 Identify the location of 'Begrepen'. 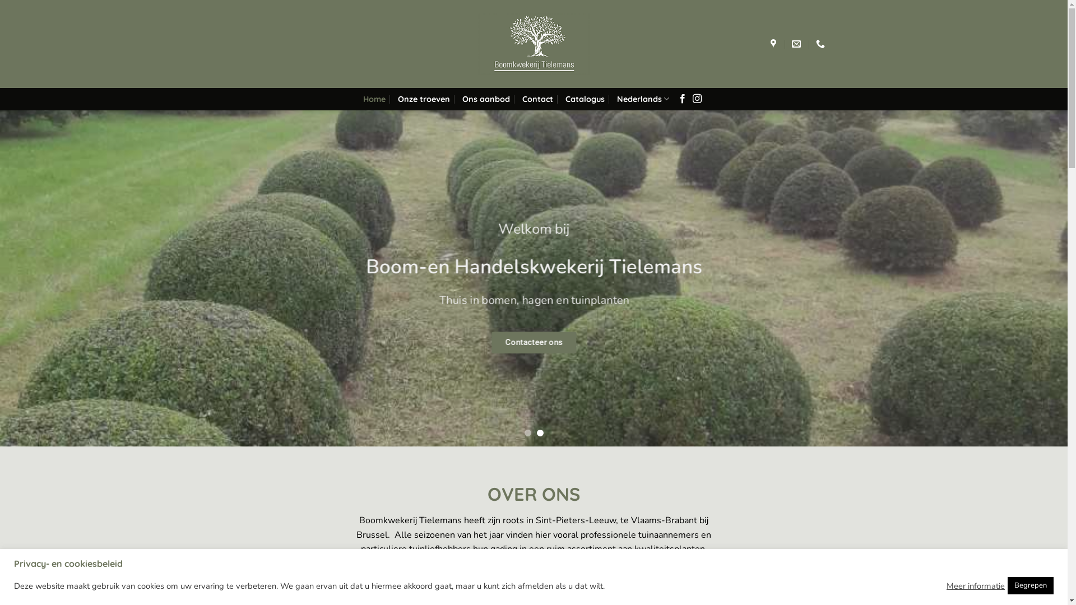
(1030, 585).